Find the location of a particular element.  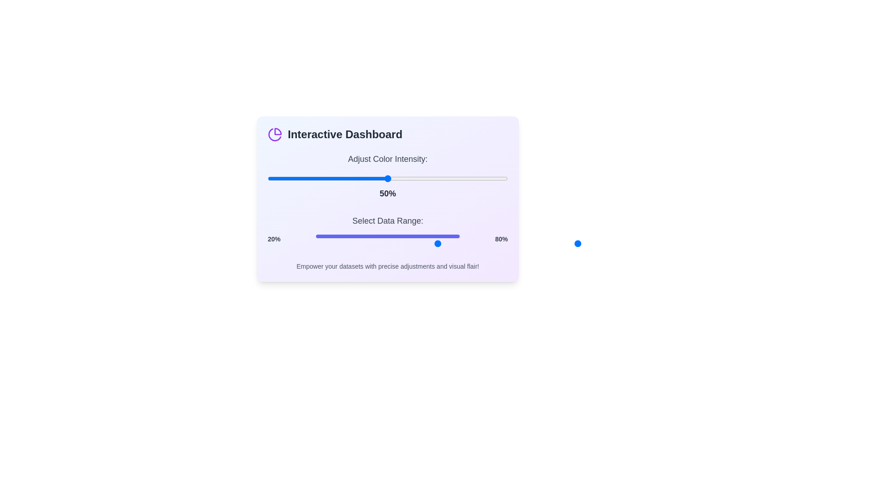

the color intensity is located at coordinates (421, 179).